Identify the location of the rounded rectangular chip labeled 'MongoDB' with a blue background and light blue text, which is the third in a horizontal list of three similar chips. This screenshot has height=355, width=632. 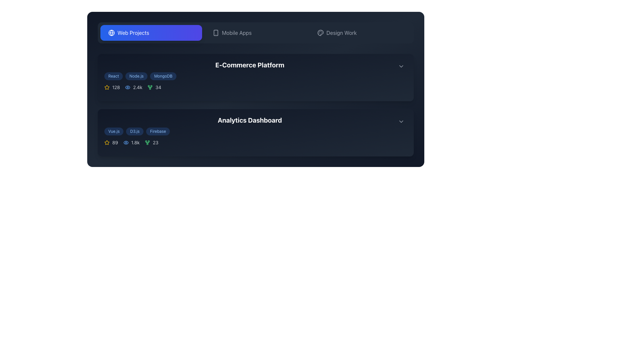
(163, 76).